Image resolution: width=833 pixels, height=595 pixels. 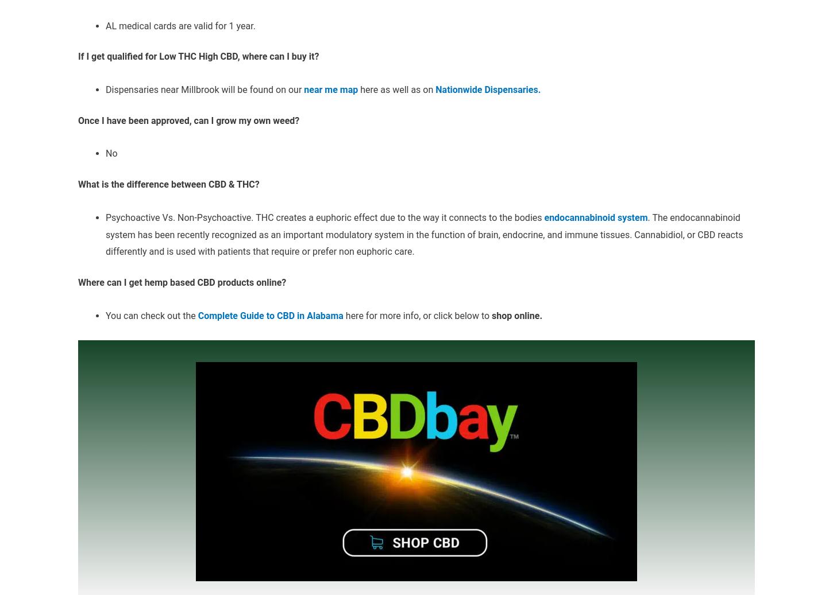 What do you see at coordinates (78, 281) in the screenshot?
I see `'Where can I get hemp based CBD products online?'` at bounding box center [78, 281].